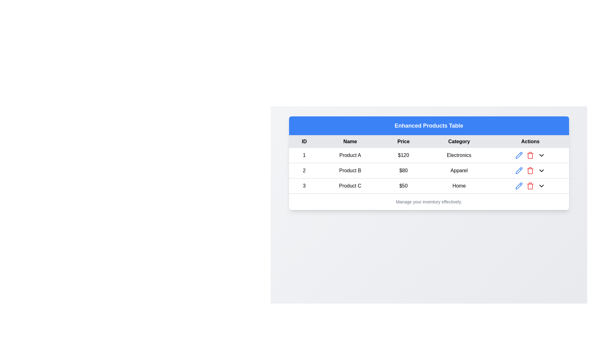 The image size is (600, 337). I want to click on the 'Name' table header cell, which is centered and located between the 'ID' and 'Price' labels, displaying black text on a light gray background, so click(350, 141).